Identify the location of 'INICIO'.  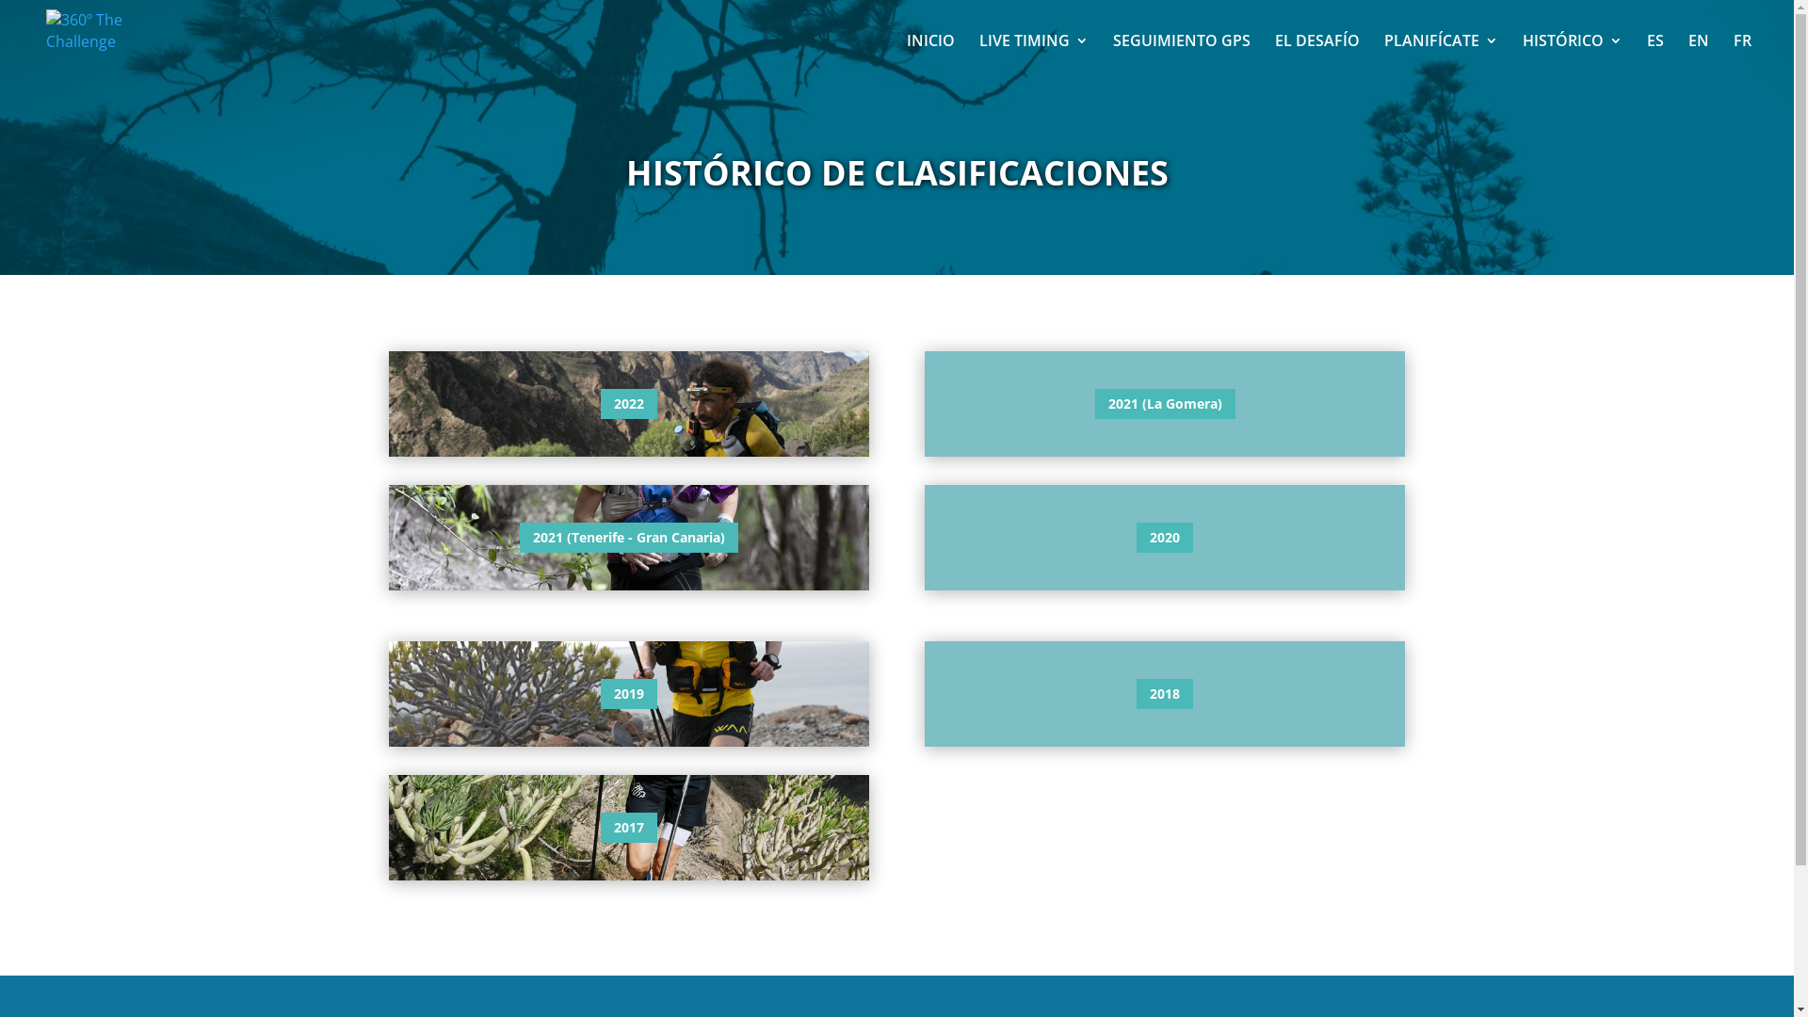
(930, 56).